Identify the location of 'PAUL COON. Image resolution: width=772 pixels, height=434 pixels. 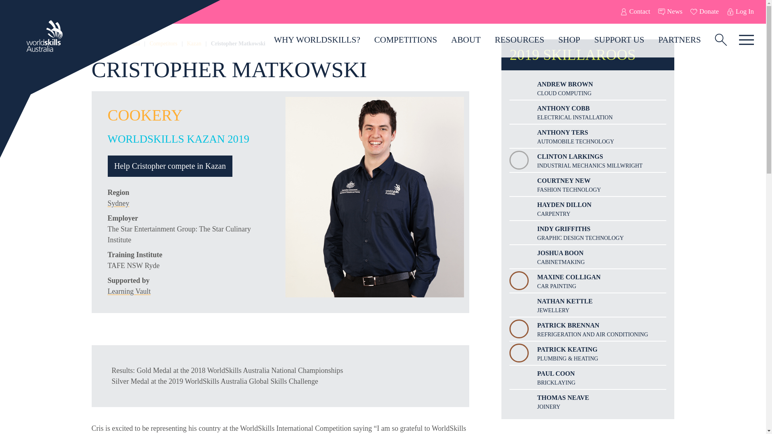
(588, 377).